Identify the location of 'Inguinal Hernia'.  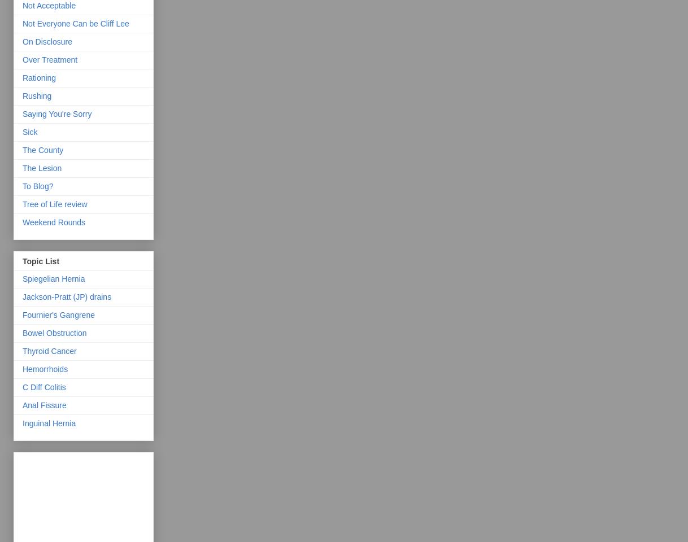
(48, 422).